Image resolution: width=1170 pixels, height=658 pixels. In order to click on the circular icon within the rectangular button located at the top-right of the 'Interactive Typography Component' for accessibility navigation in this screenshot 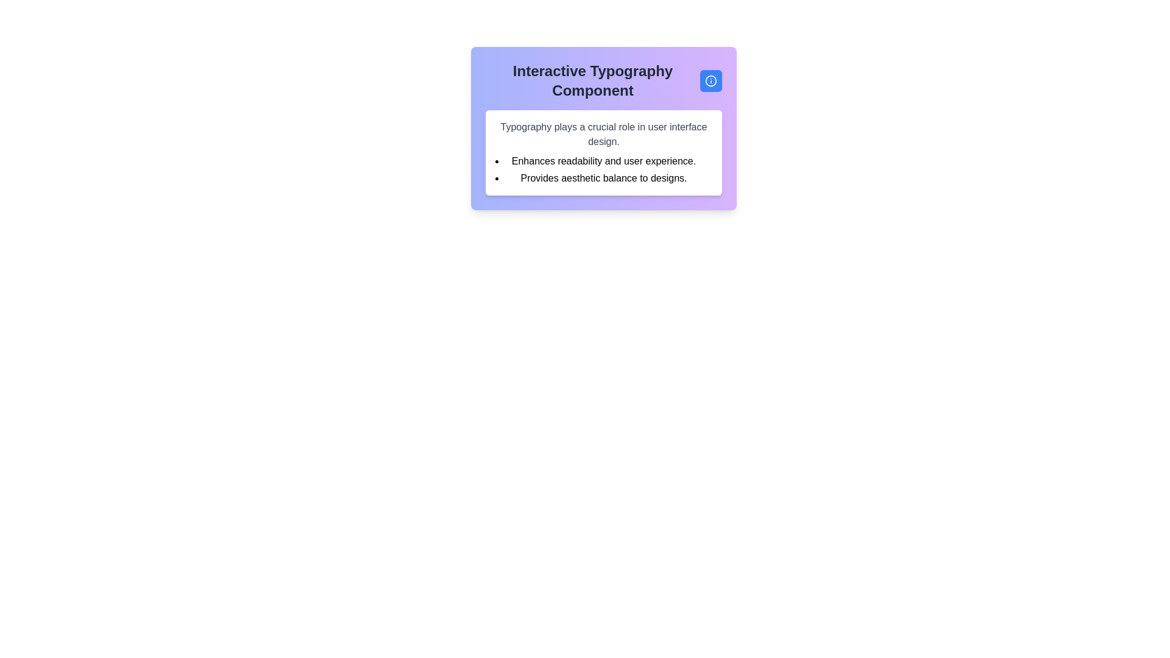, I will do `click(711, 80)`.